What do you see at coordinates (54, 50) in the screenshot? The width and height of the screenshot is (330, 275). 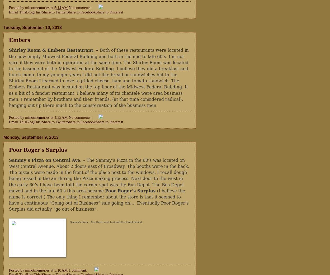 I see `'Shirley
Room & Embers Restaurant. –'` at bounding box center [54, 50].